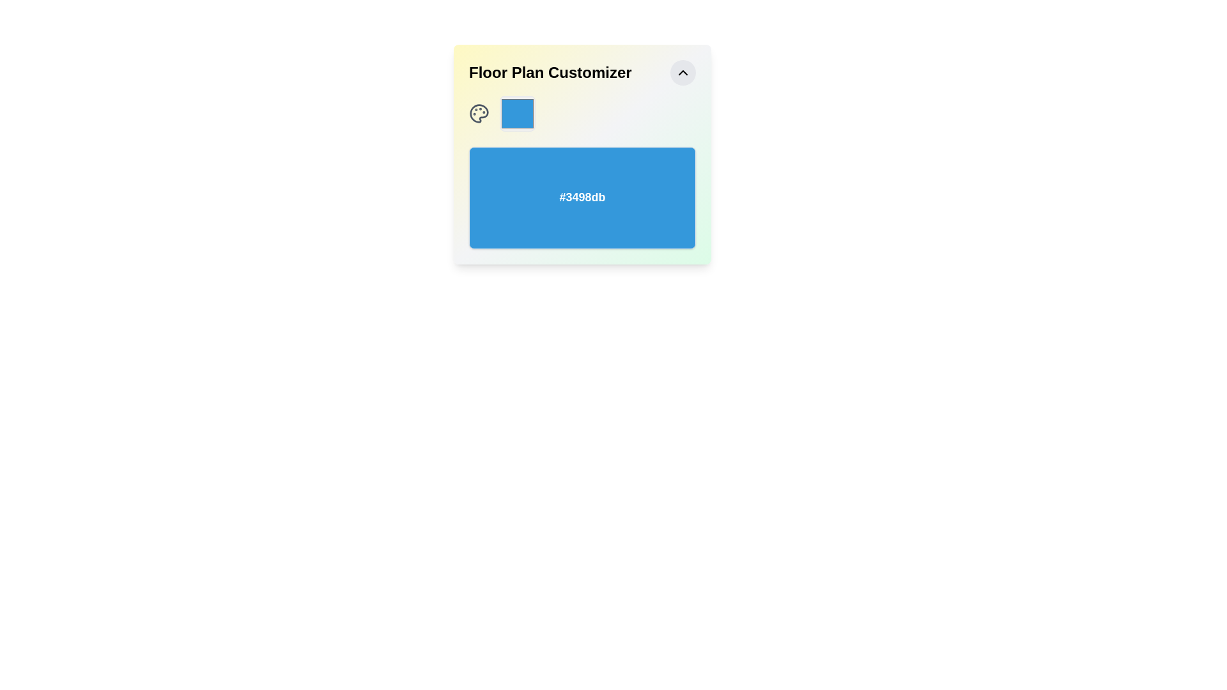 The image size is (1227, 690). What do you see at coordinates (582, 197) in the screenshot?
I see `the Text Display that shows the hexadecimal color code, located in the middle-bottom of the 'Floor Plan Customizer' section` at bounding box center [582, 197].